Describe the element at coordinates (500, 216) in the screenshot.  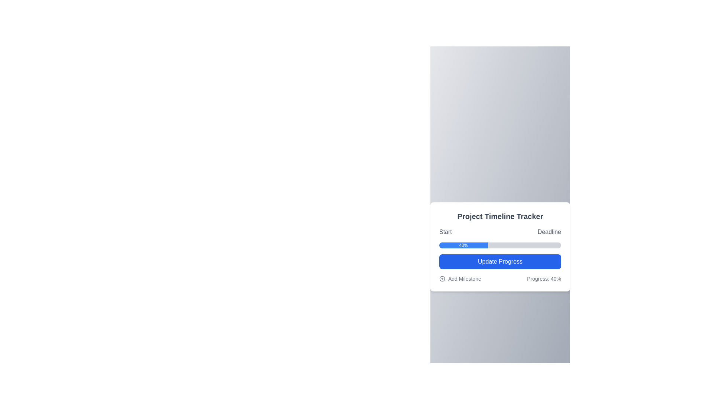
I see `the text block displaying 'Project Timeline Tracker', which is styled with a large, bold font and is located at the top of the centered card interface` at that location.